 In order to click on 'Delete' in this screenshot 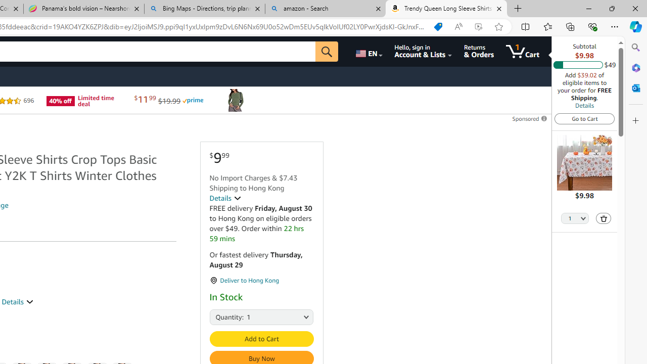, I will do `click(604, 218)`.